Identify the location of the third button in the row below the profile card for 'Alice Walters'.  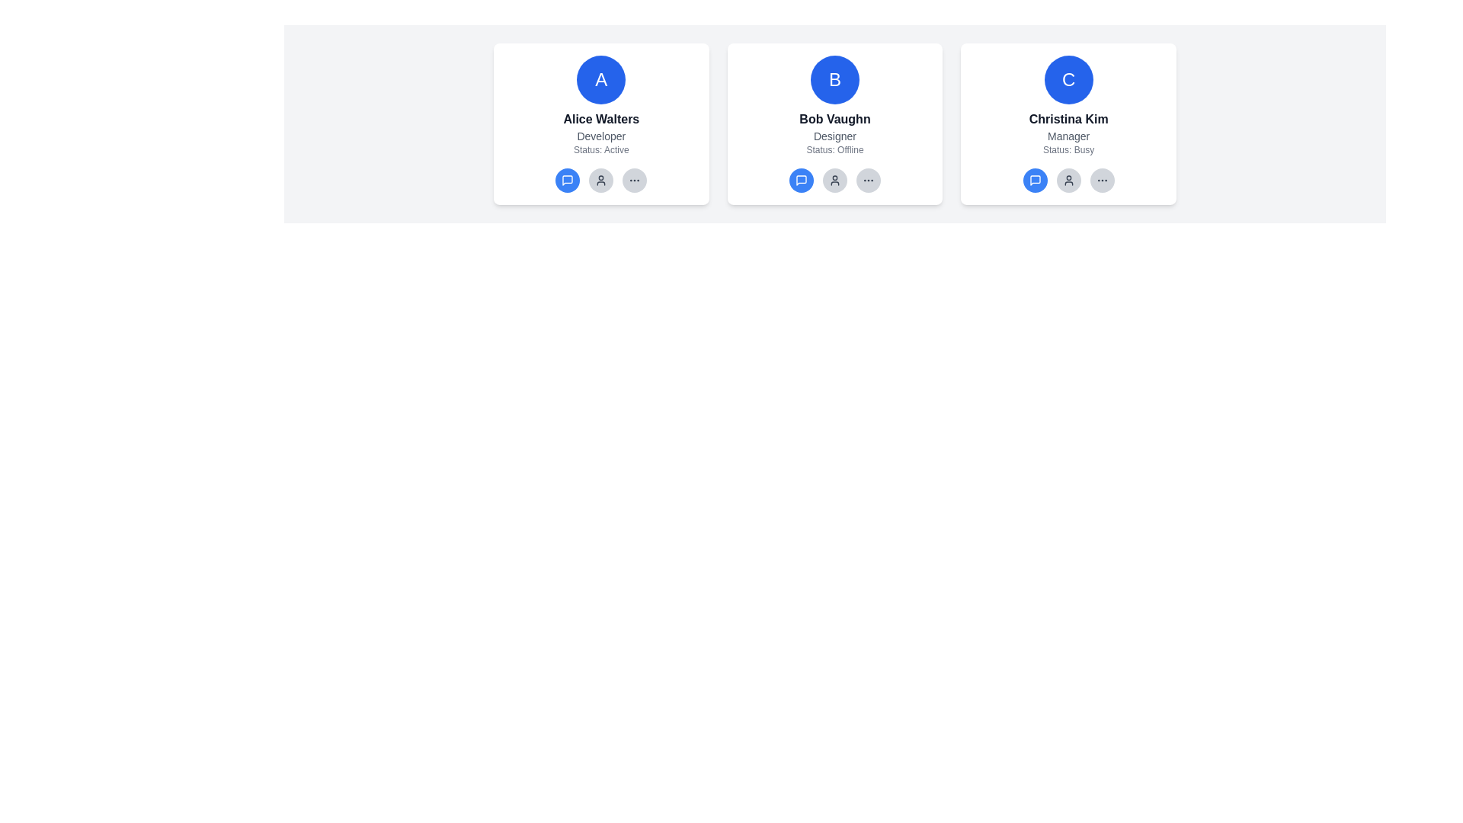
(635, 179).